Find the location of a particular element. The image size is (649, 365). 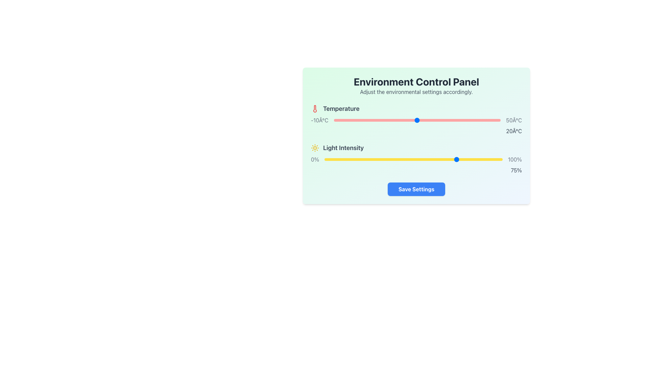

the 'Save Settings' button, which is a rectangular button with a blue background and bold white text, located at the bottom of the 'Environment Control Panel' is located at coordinates (416, 189).